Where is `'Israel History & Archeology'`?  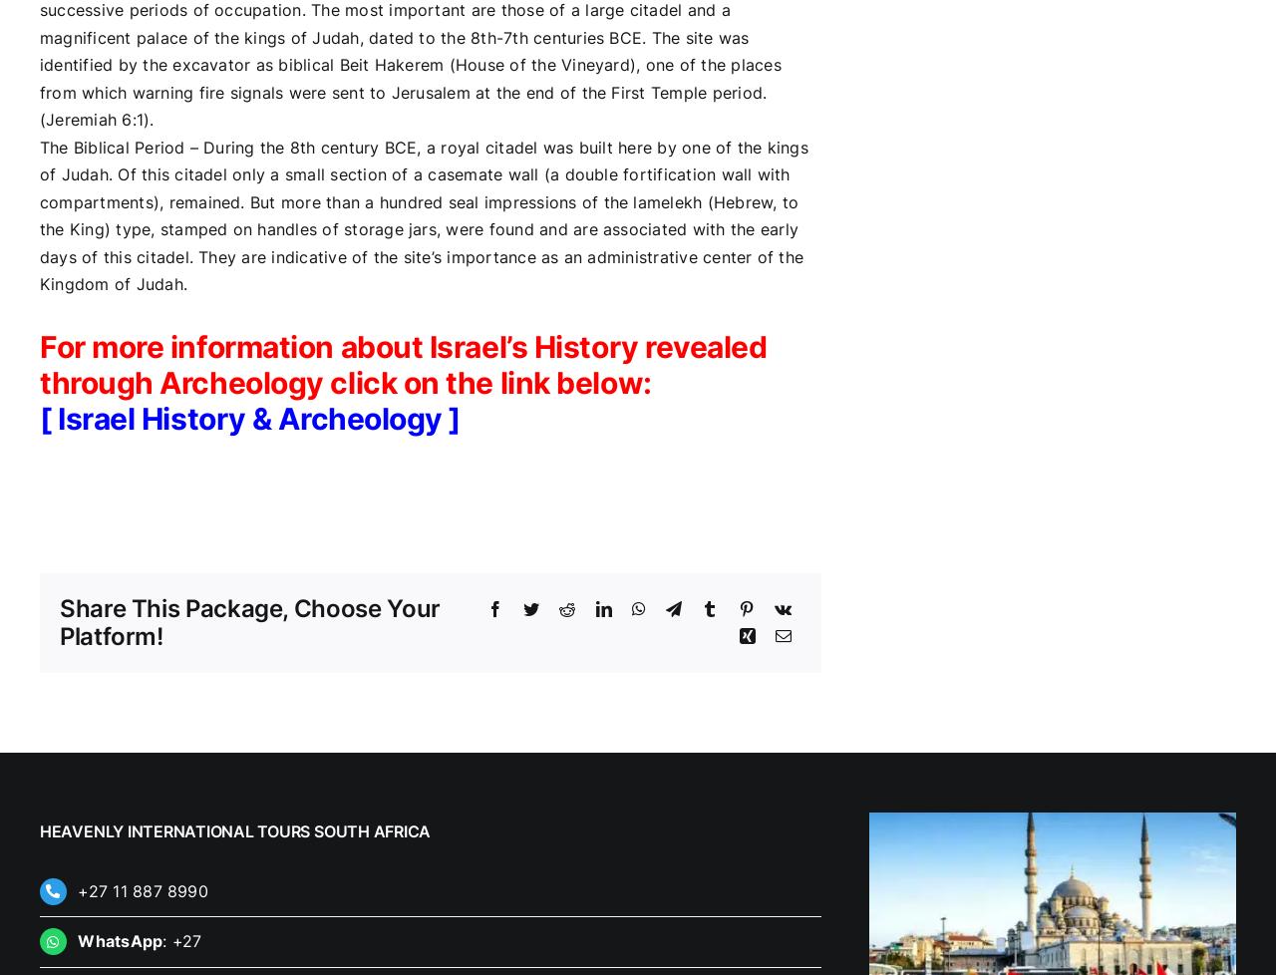
'Israel History & Archeology' is located at coordinates (248, 416).